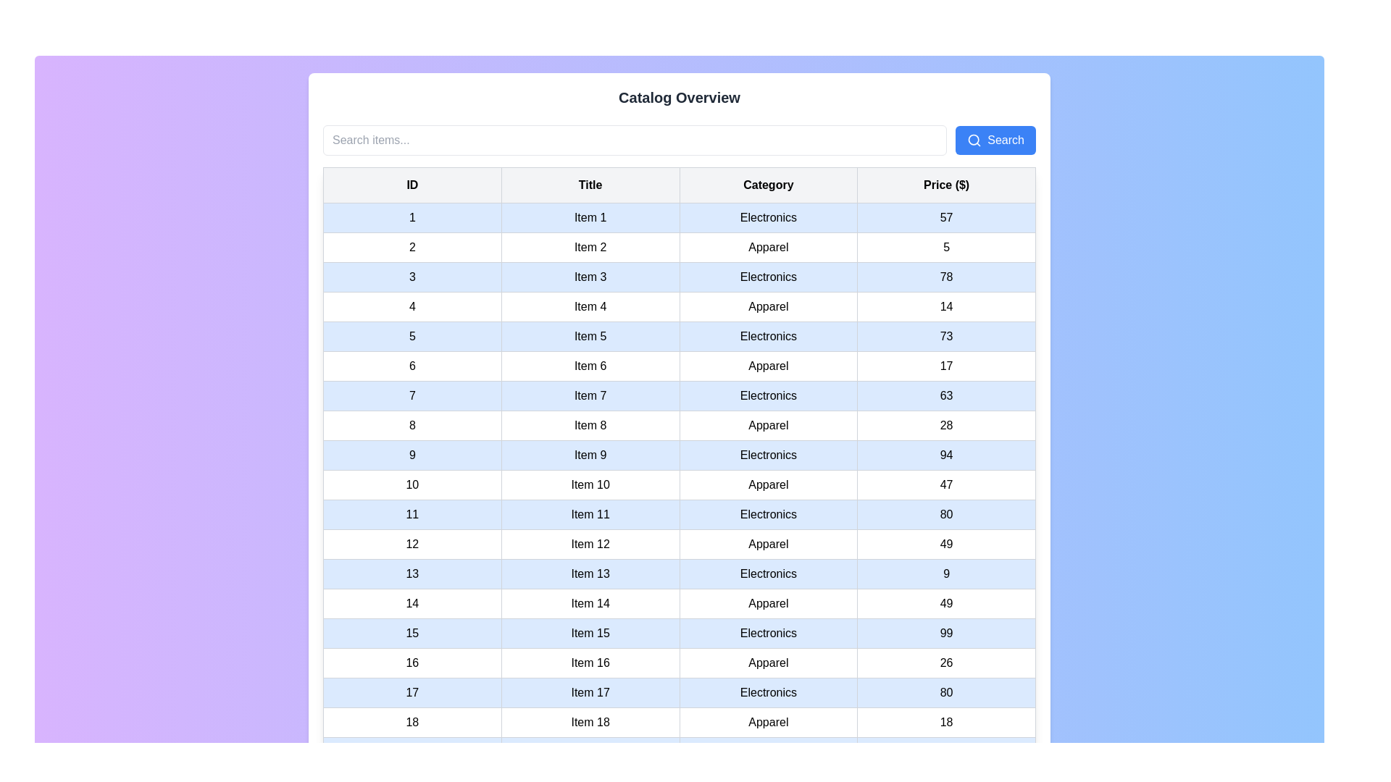 The width and height of the screenshot is (1391, 782). What do you see at coordinates (767, 217) in the screenshot?
I see `the Text label in the third column of the first data row in the table that indicates the category information` at bounding box center [767, 217].